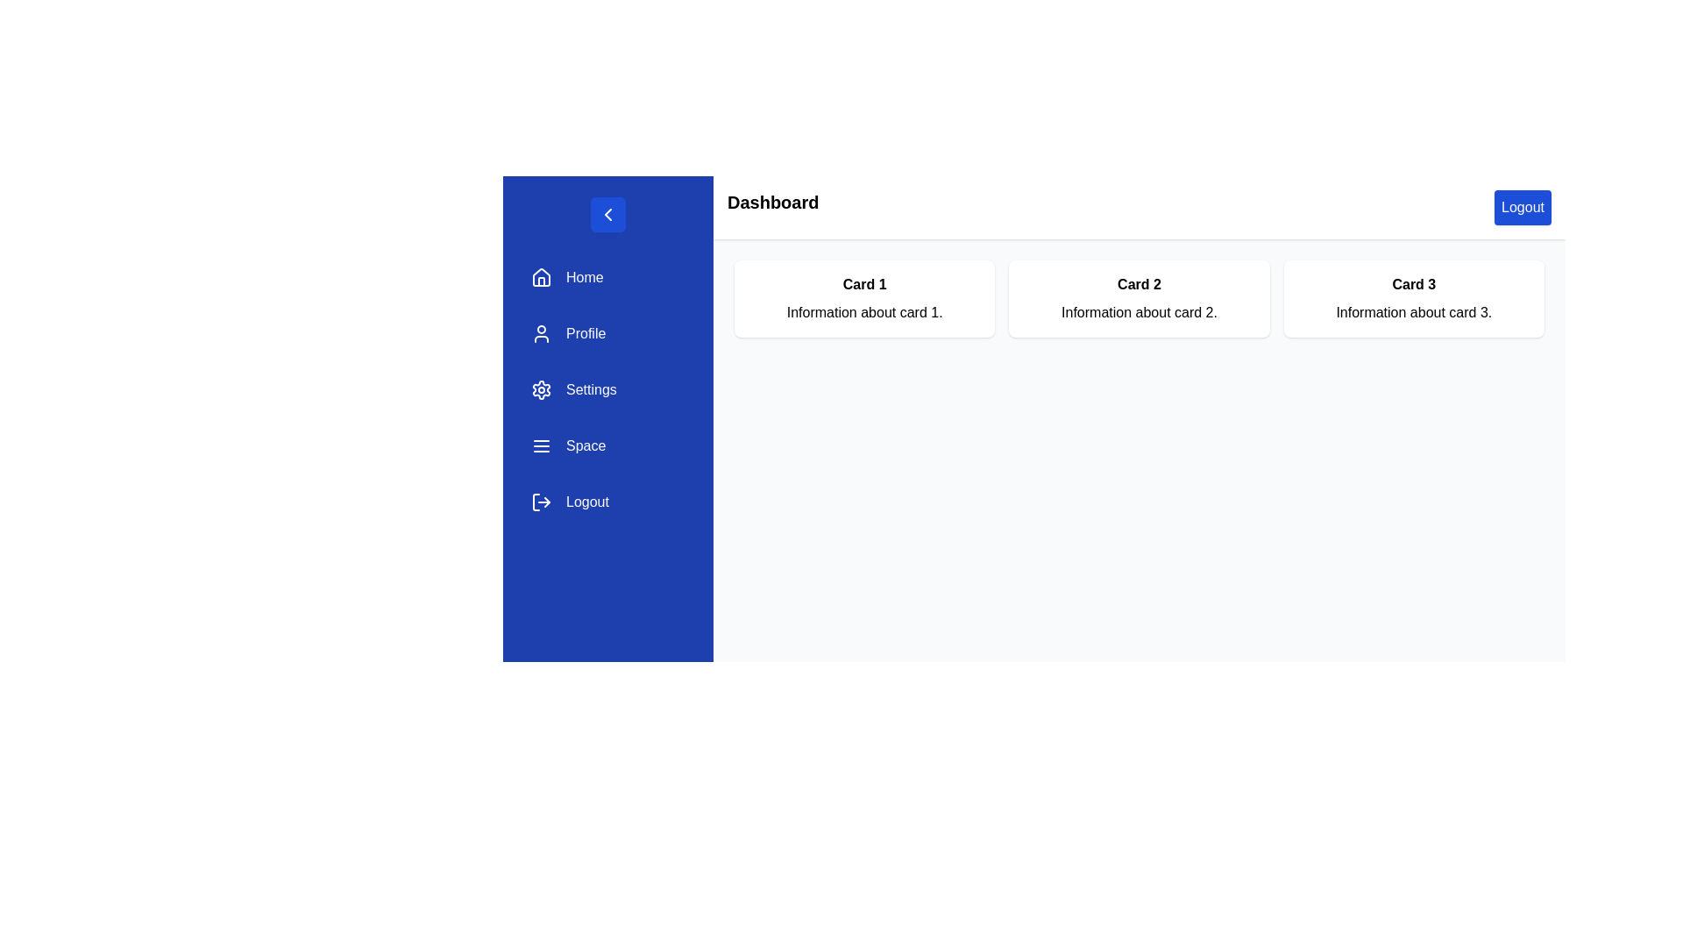  What do you see at coordinates (608, 445) in the screenshot?
I see `the 'Space' navigation button located in the vertical navigation bar, which is the fourth option below 'Settings' and above 'Logout'` at bounding box center [608, 445].